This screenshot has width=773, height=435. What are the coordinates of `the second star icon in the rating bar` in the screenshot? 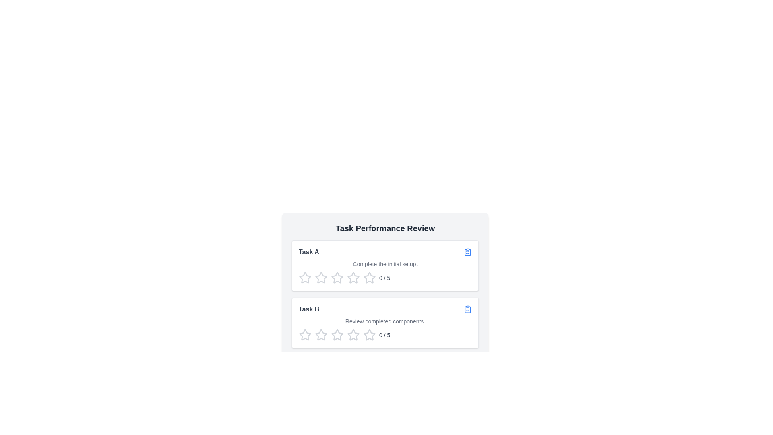 It's located at (353, 335).